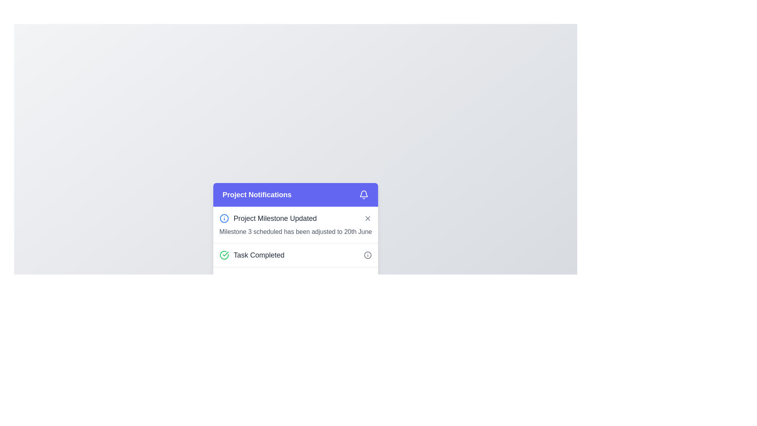 This screenshot has height=426, width=757. What do you see at coordinates (275, 219) in the screenshot?
I see `the text label that informs the user about project milestone updates located in the 'Project Notifications' section, immediately to the right of a blue circular information icon` at bounding box center [275, 219].